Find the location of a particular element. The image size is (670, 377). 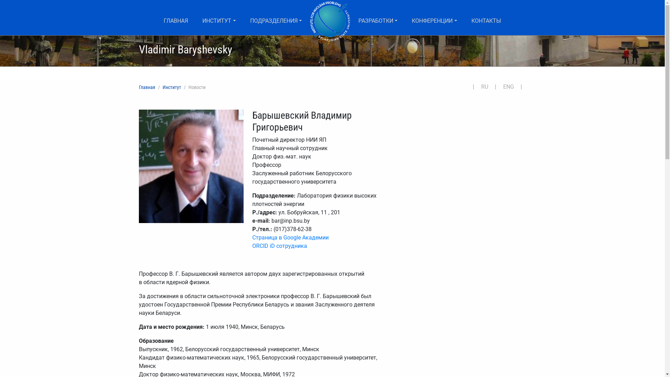

'RU' is located at coordinates (486, 86).